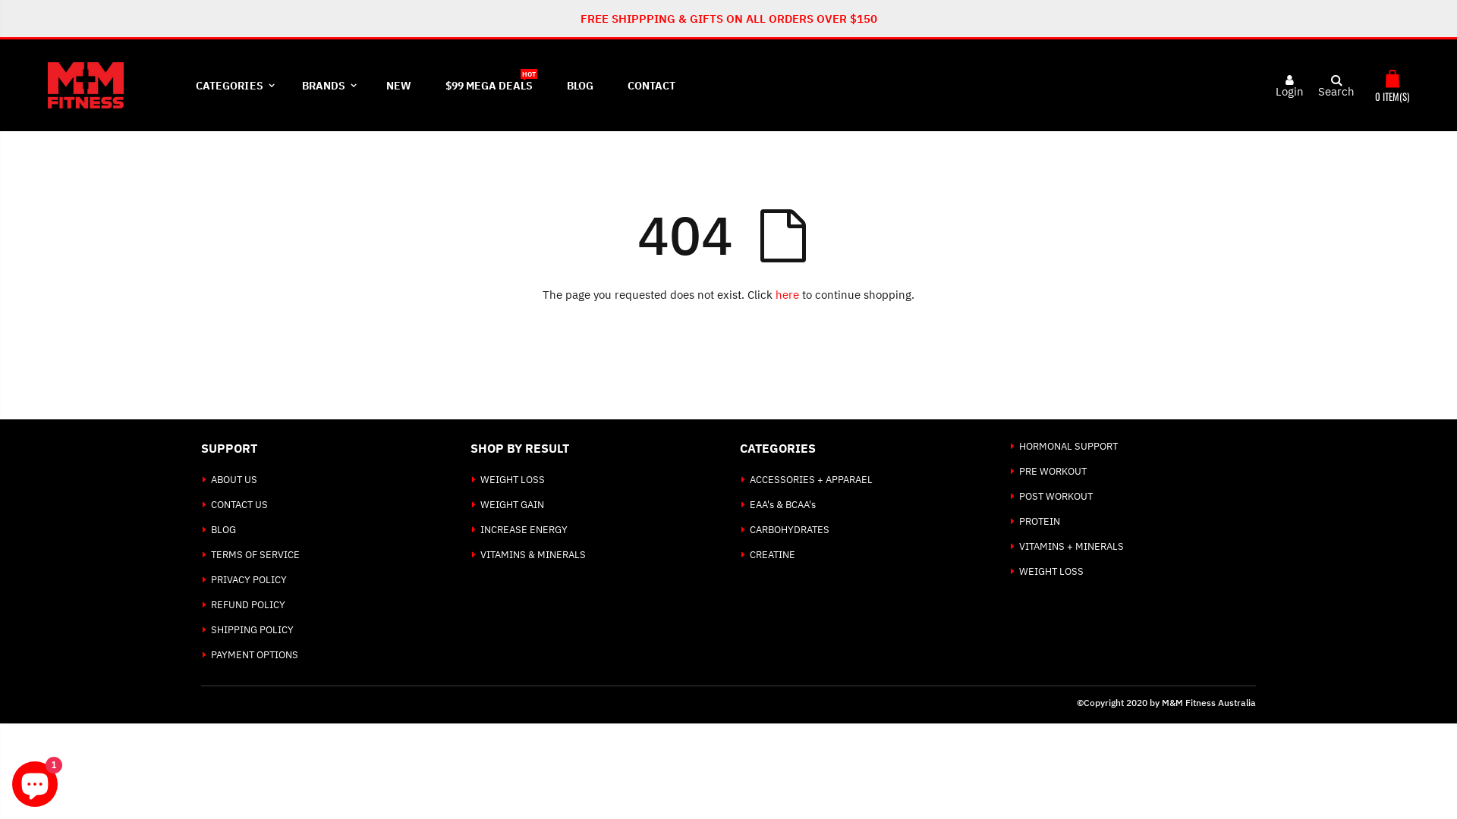 The width and height of the screenshot is (1457, 819). Describe the element at coordinates (1392, 85) in the screenshot. I see `'0ITEM(S)'` at that location.